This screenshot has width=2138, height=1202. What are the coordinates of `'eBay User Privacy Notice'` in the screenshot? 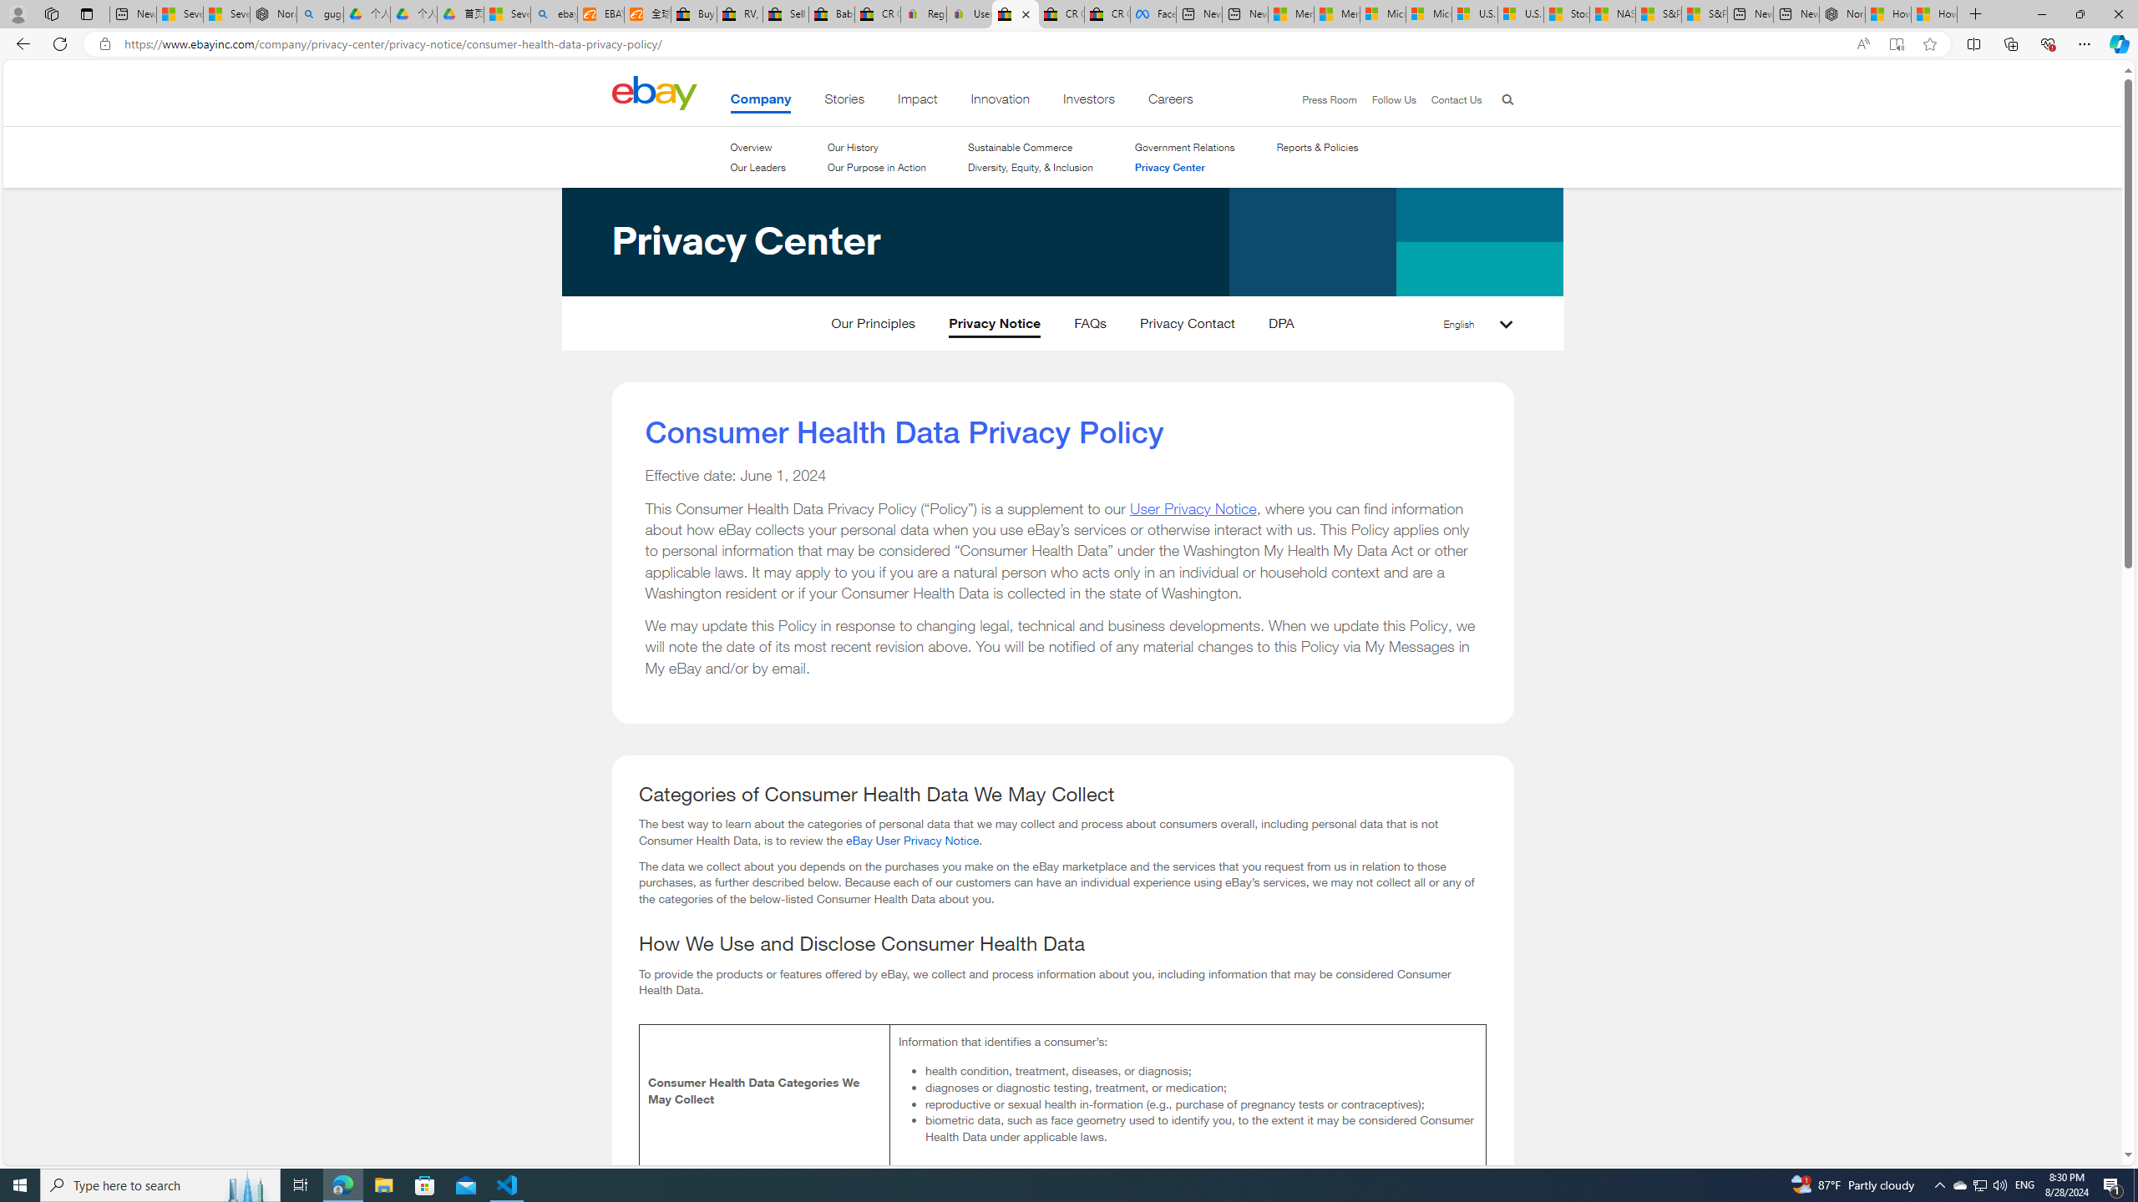 It's located at (912, 838).